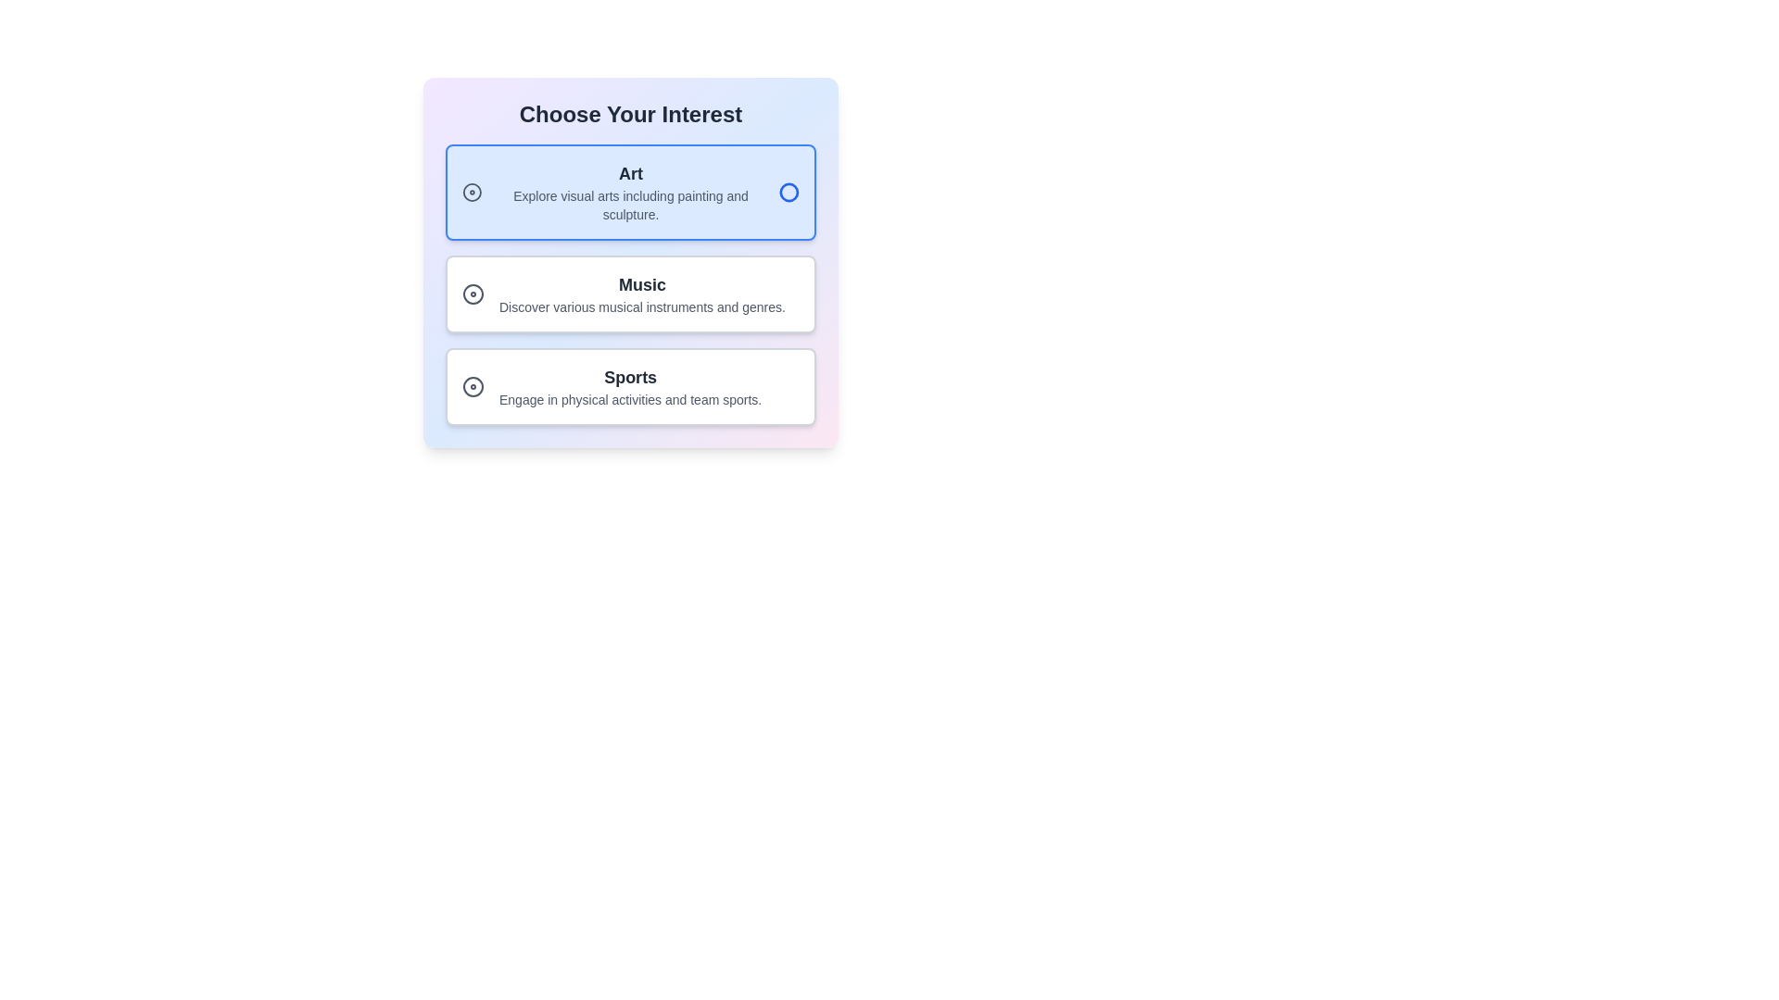 Image resolution: width=1779 pixels, height=1000 pixels. I want to click on the text label that reads 'Discover various musical instruments and genres.' which is positioned directly beneath the 'Music' heading in the 'Choose Your Interest' list, so click(642, 306).